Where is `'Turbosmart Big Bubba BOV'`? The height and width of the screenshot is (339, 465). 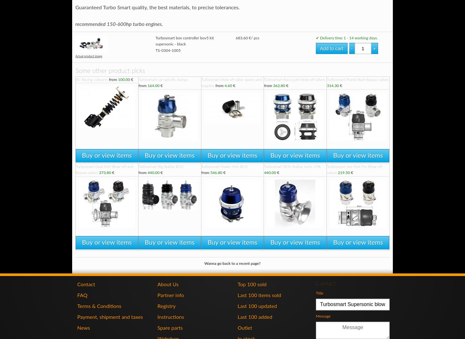
'Turbosmart Big Bubba BOV' is located at coordinates (160, 166).